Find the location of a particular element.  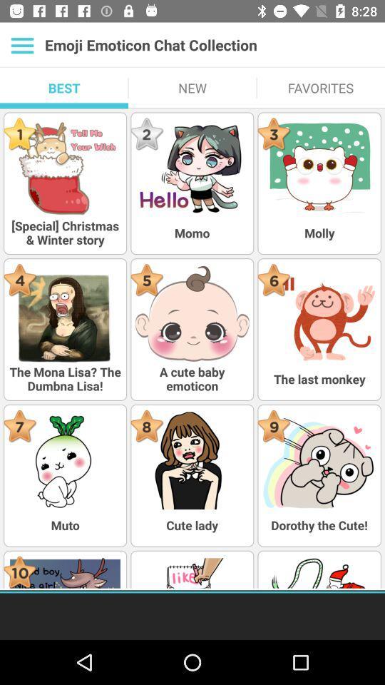

the favorites icon is located at coordinates (320, 87).